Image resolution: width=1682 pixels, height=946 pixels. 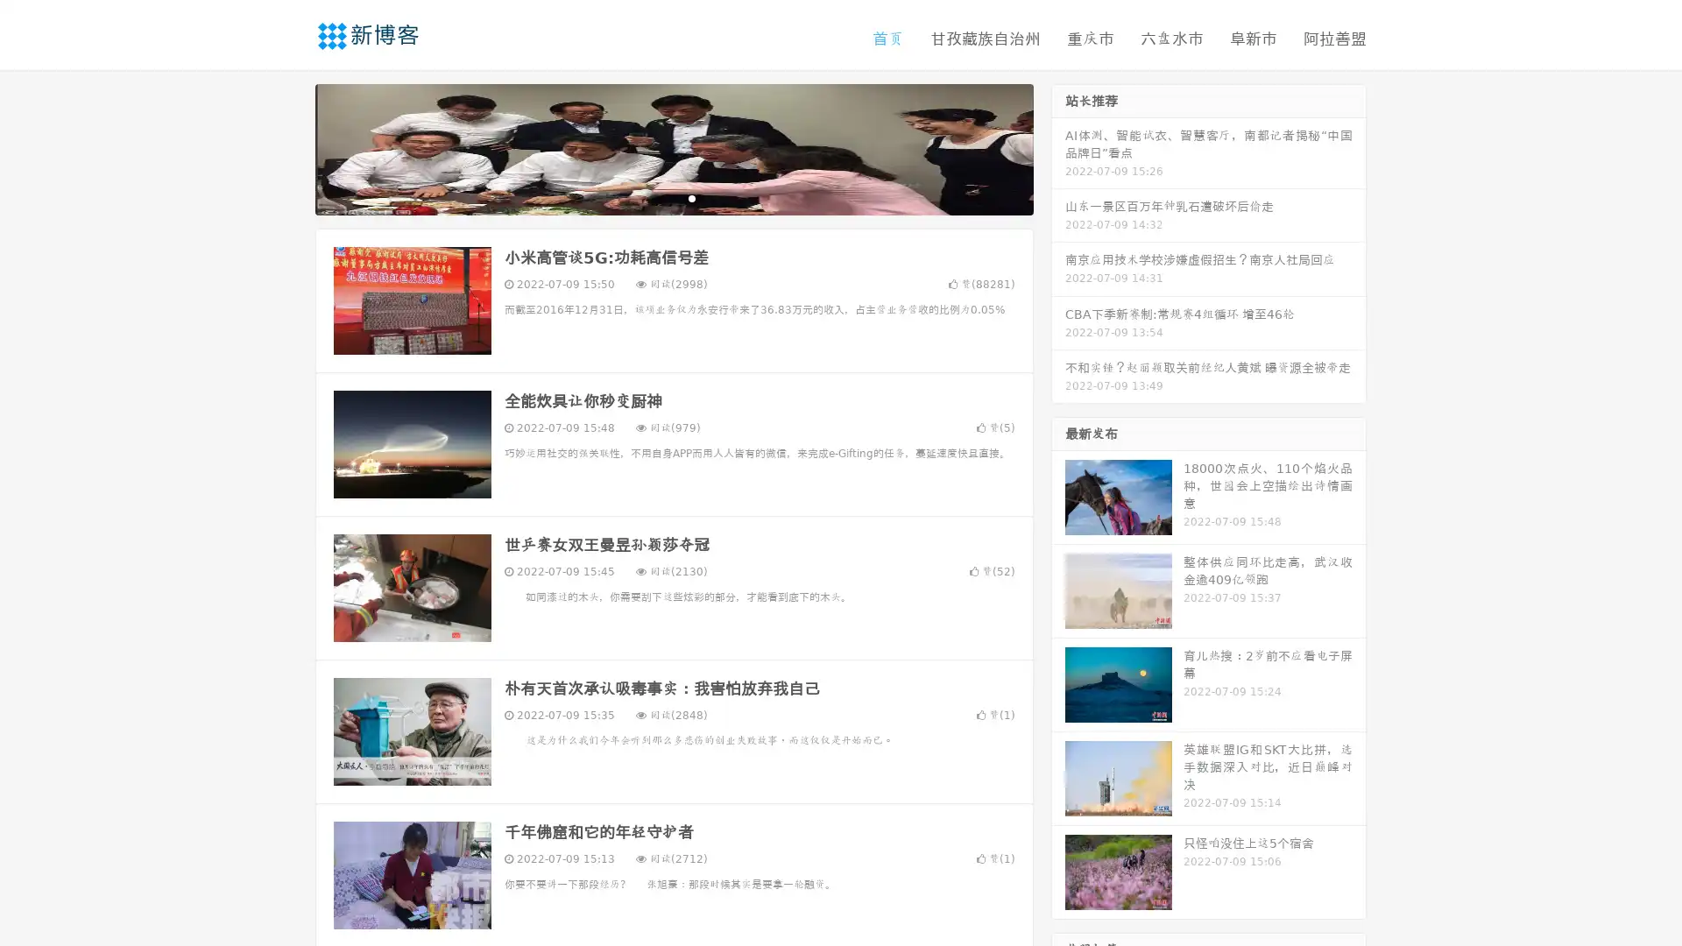 What do you see at coordinates (691, 197) in the screenshot?
I see `Go to slide 3` at bounding box center [691, 197].